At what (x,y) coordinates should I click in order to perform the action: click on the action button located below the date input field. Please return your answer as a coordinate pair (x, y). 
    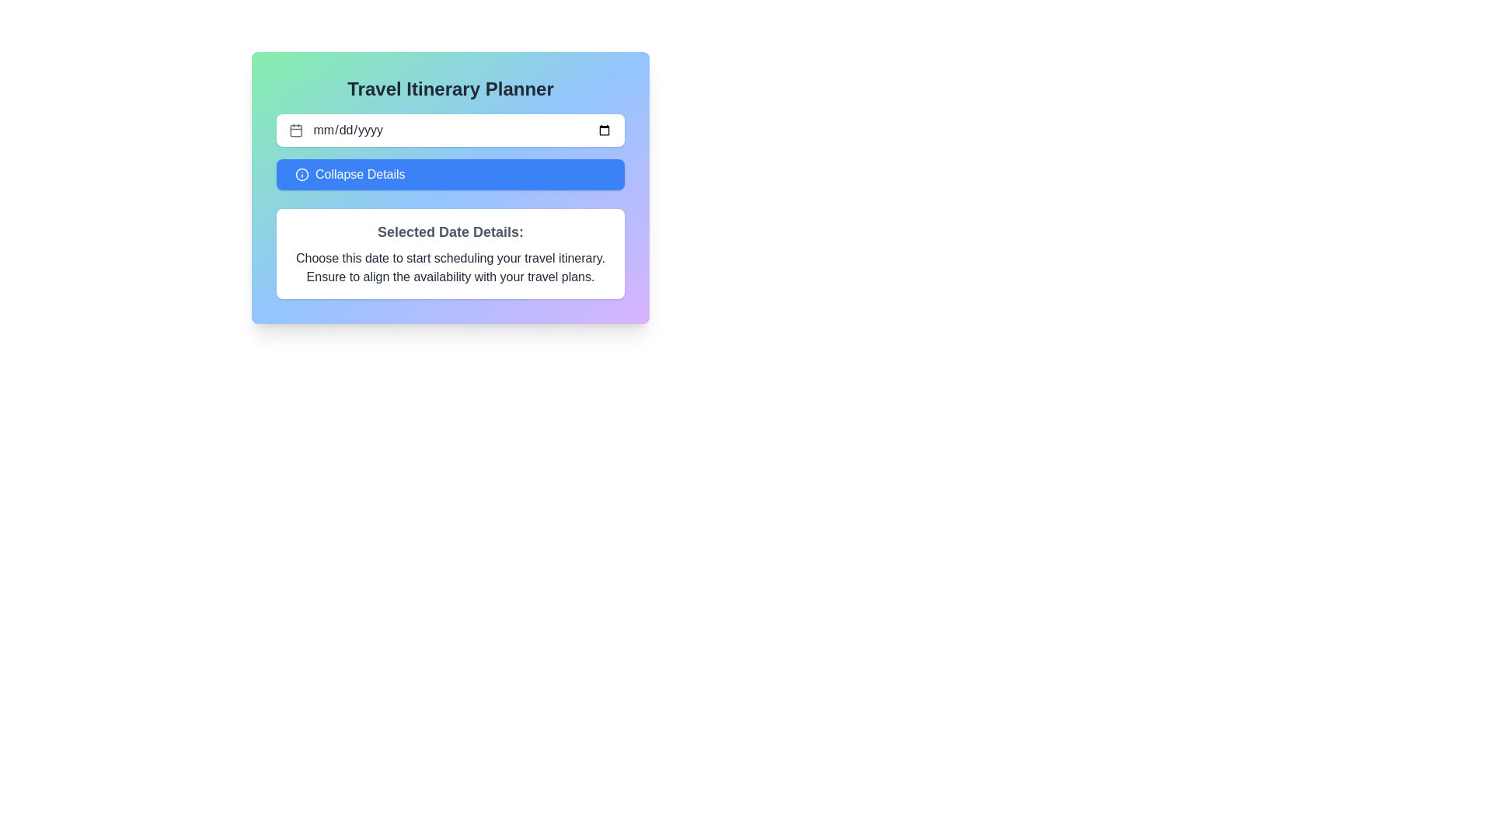
    Looking at the image, I should click on (450, 187).